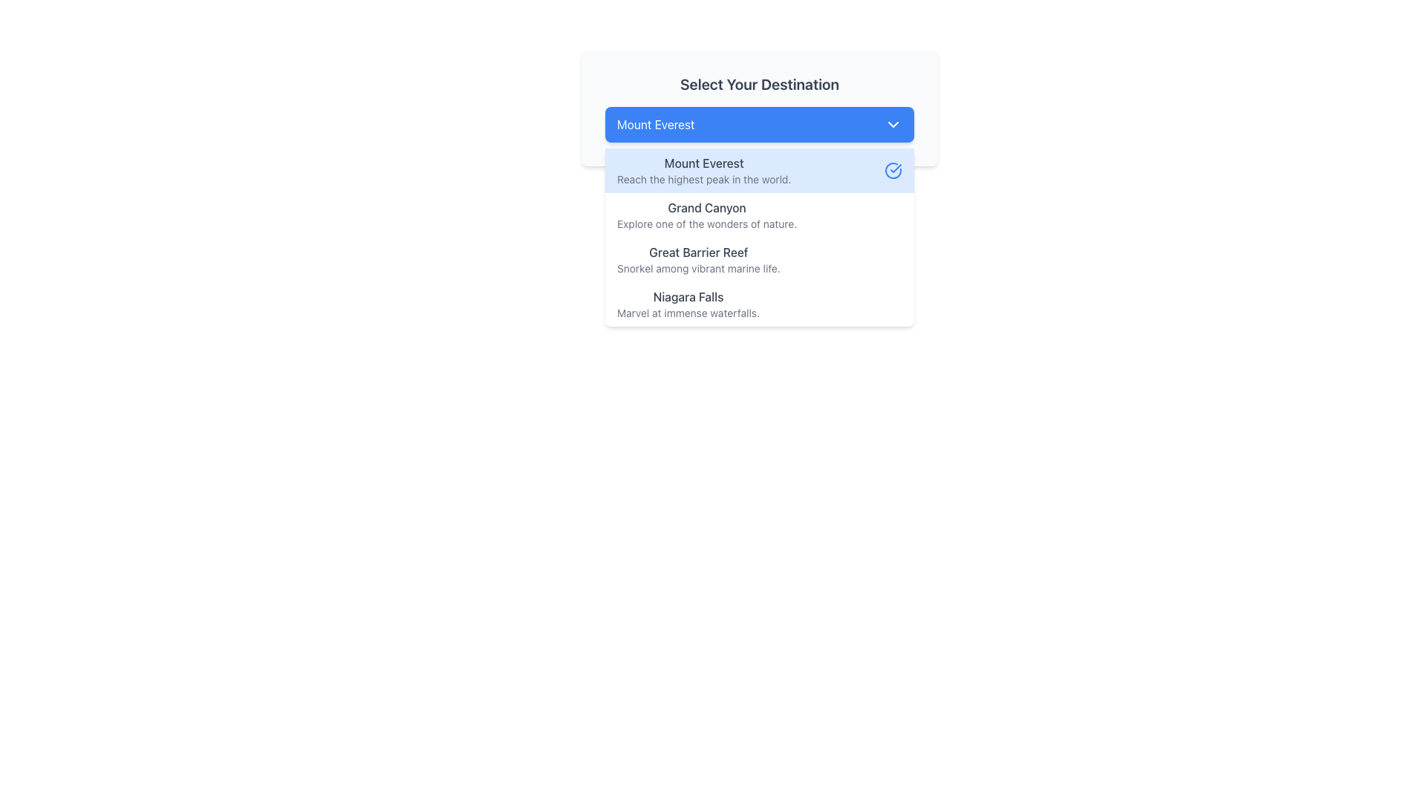  I want to click on the dropdown menu item, so click(759, 237).